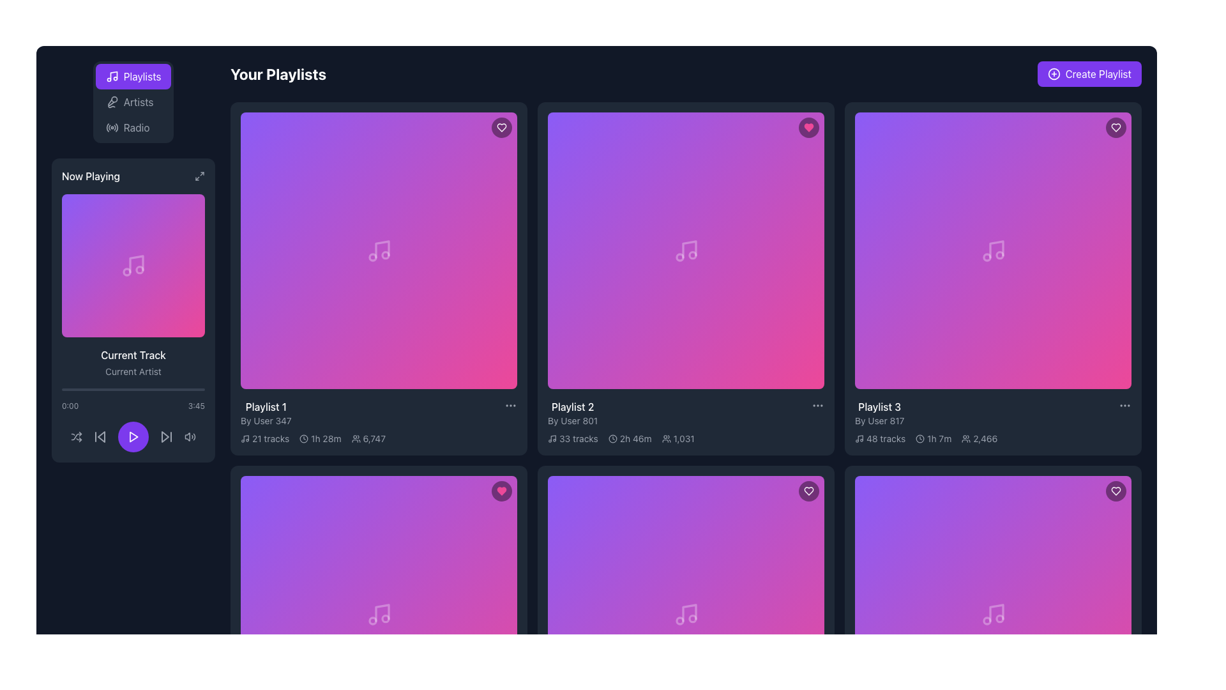 The image size is (1226, 690). What do you see at coordinates (685, 613) in the screenshot?
I see `the white musical note icon with slight transparency, located in the second row, first column of the grid layout under 'Your Playlists'` at bounding box center [685, 613].